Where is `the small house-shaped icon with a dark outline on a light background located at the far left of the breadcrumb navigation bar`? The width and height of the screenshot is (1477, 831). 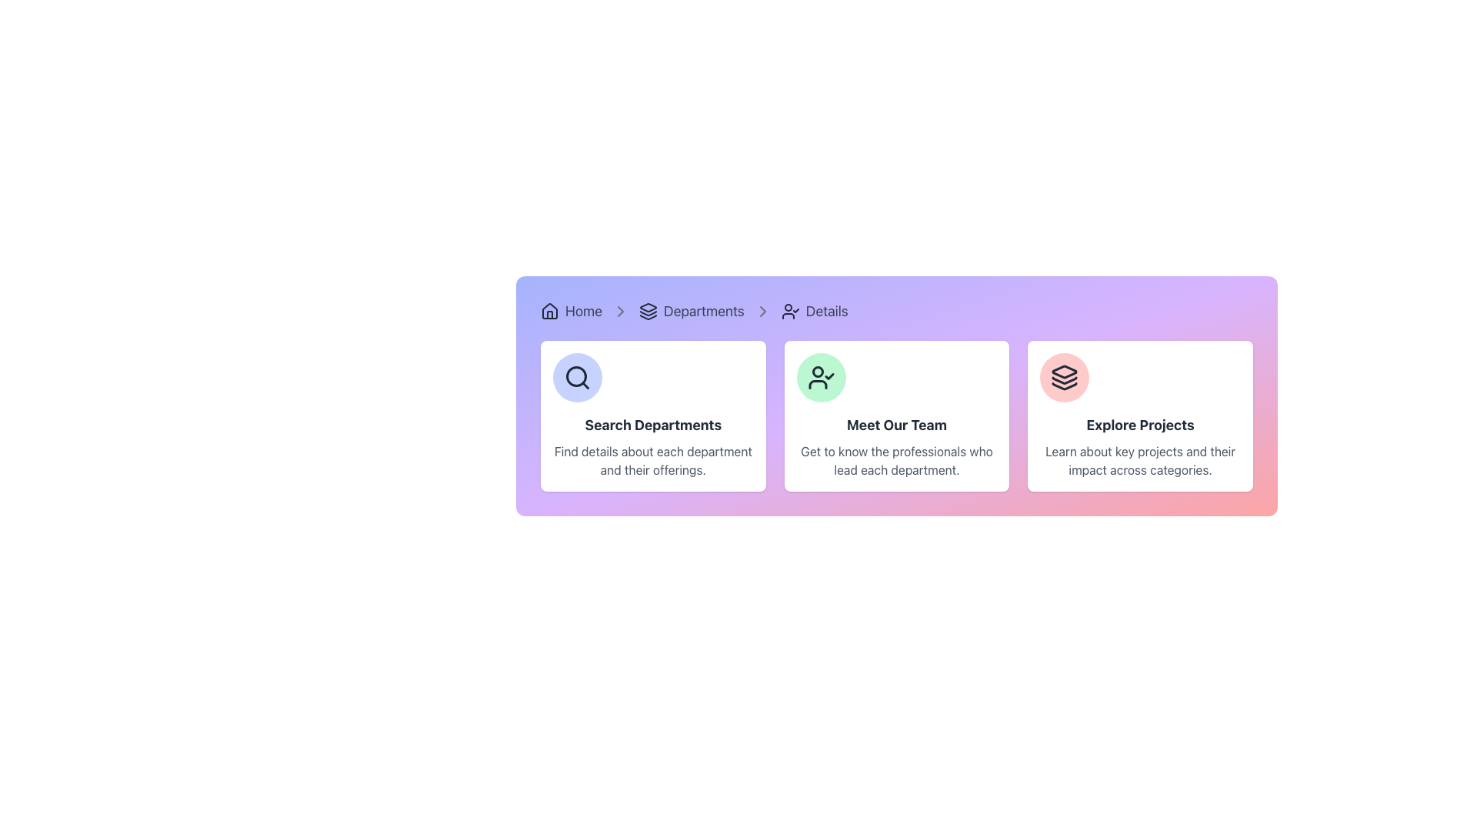
the small house-shaped icon with a dark outline on a light background located at the far left of the breadcrumb navigation bar is located at coordinates (550, 312).